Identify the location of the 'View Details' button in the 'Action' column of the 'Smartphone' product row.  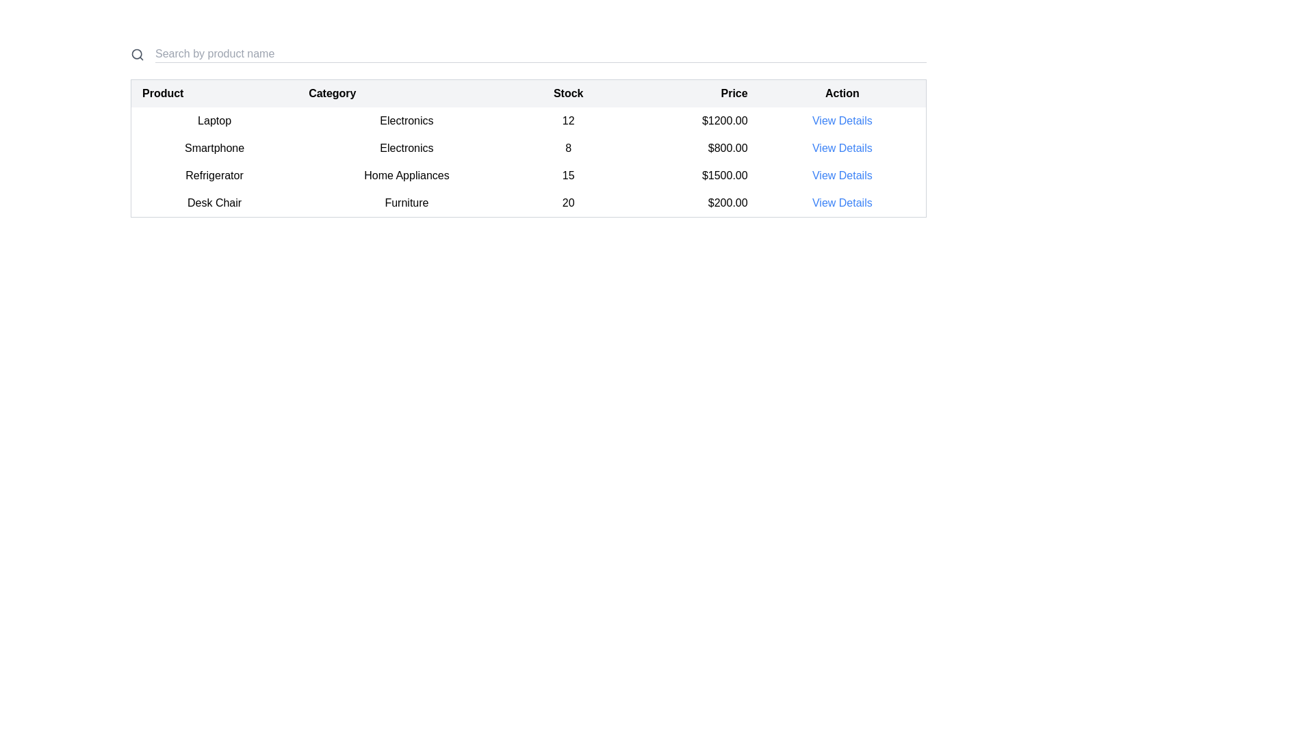
(842, 148).